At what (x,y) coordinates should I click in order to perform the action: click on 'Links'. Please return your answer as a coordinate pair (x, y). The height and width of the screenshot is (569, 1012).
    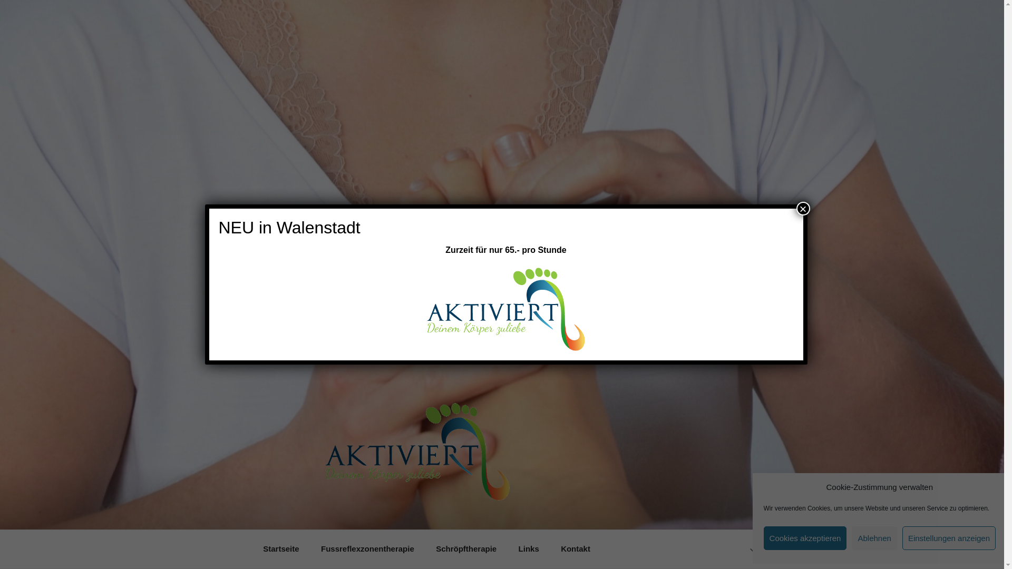
    Looking at the image, I should click on (529, 548).